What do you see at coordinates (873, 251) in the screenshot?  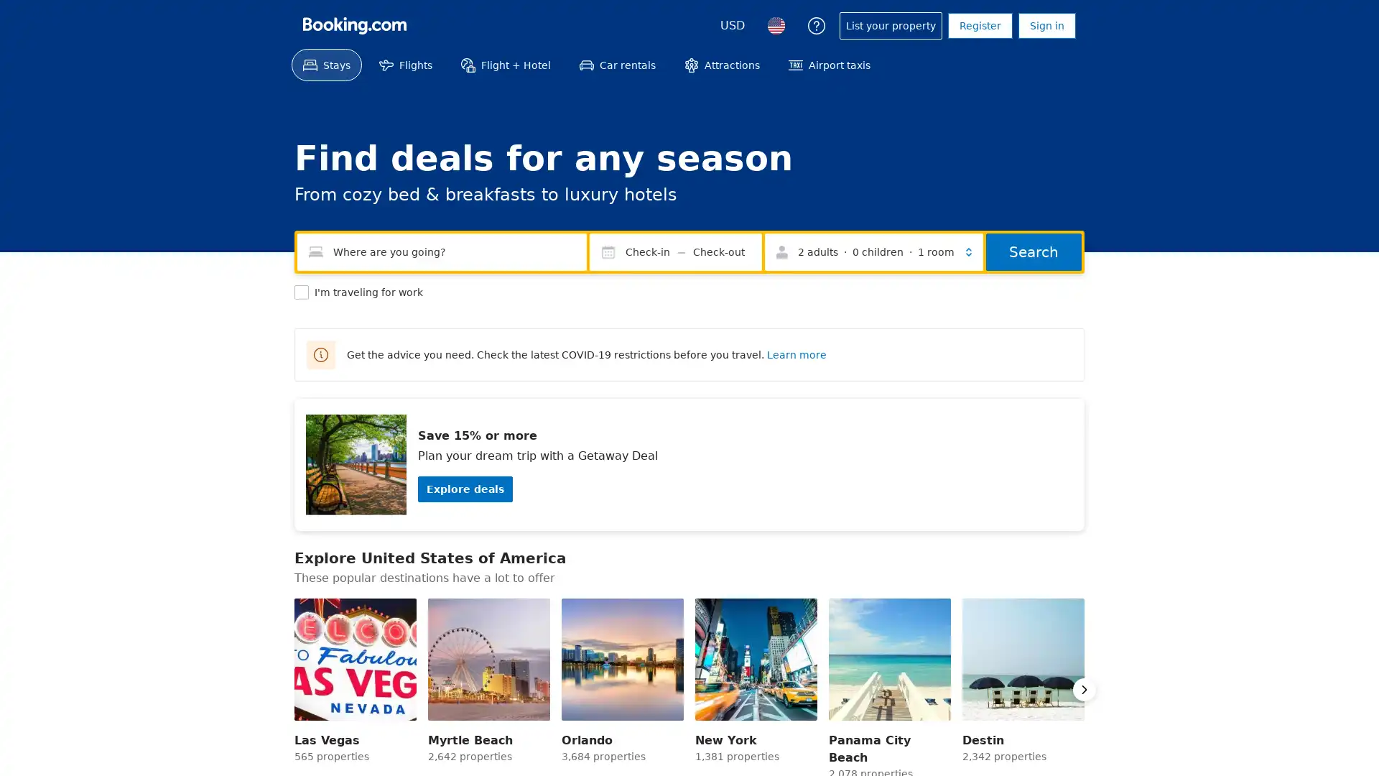 I see `Rooms and occupancy 2 adults    0 children   1 room` at bounding box center [873, 251].